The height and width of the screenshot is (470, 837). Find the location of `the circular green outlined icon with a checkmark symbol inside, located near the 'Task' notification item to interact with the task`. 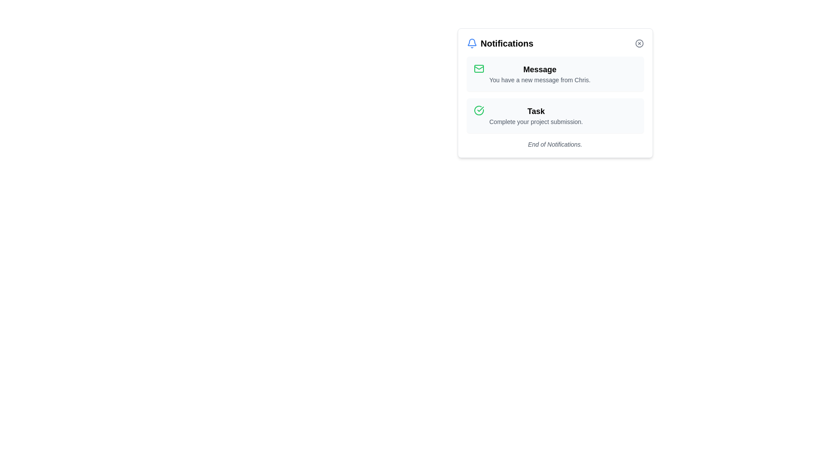

the circular green outlined icon with a checkmark symbol inside, located near the 'Task' notification item to interact with the task is located at coordinates (478, 110).